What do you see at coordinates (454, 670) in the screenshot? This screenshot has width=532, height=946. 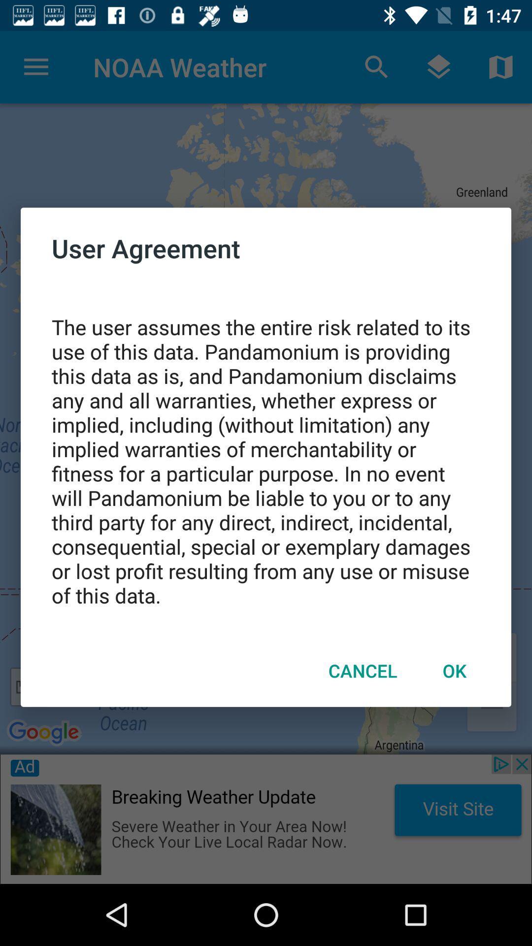 I see `the icon to the right of cancel` at bounding box center [454, 670].